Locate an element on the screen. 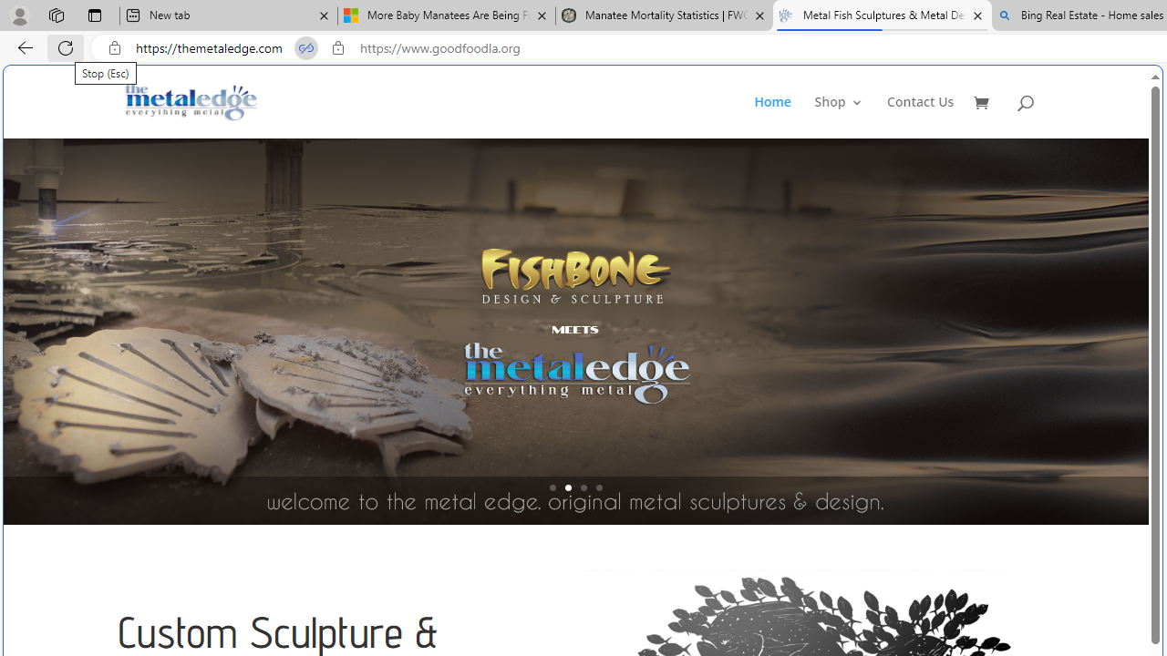 This screenshot has height=656, width=1167. 'Shop3' is located at coordinates (848, 117).